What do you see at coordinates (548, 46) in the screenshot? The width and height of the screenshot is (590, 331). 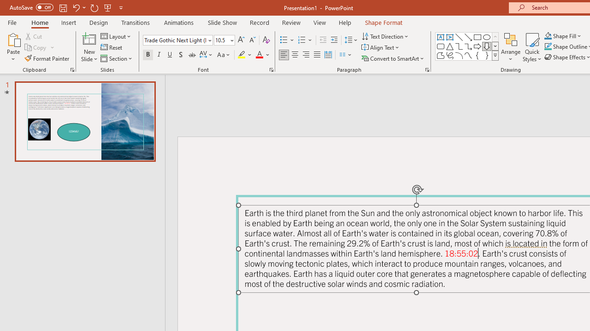 I see `'Shape Outline Teal, Accent 1'` at bounding box center [548, 46].